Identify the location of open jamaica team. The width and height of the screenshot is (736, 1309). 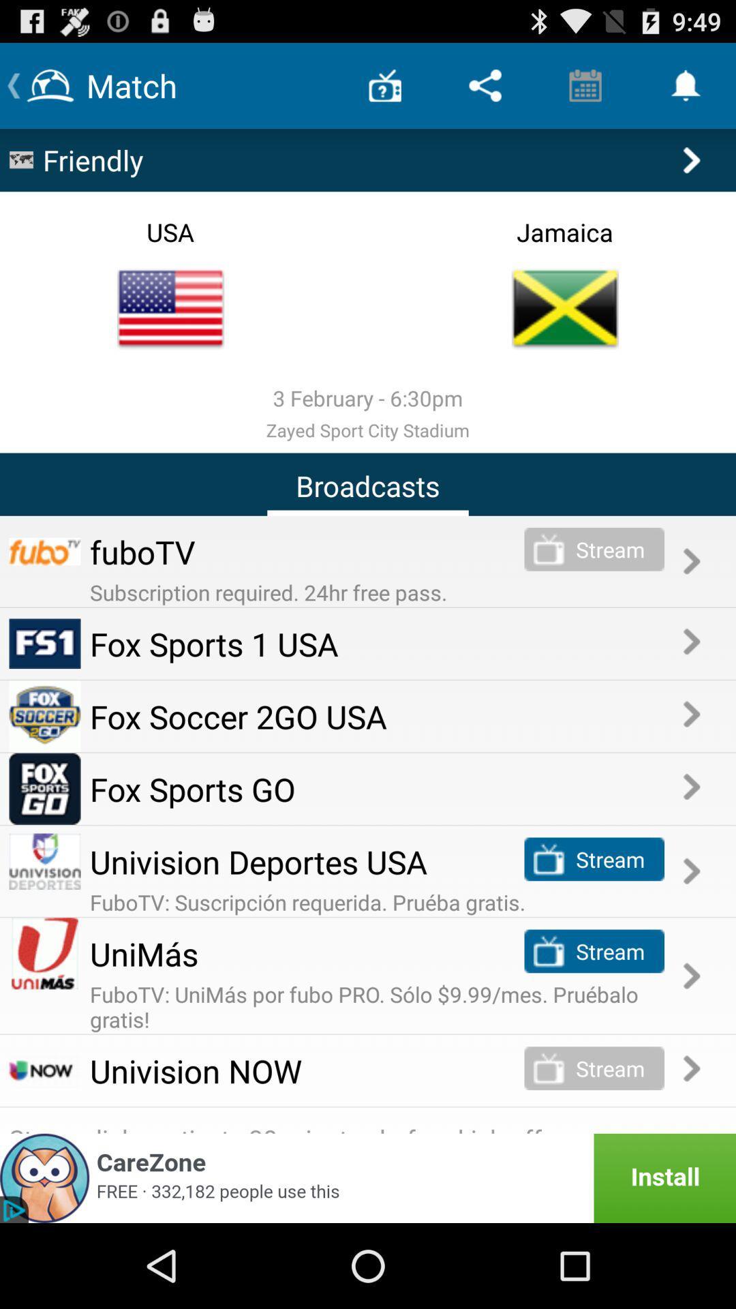
(565, 307).